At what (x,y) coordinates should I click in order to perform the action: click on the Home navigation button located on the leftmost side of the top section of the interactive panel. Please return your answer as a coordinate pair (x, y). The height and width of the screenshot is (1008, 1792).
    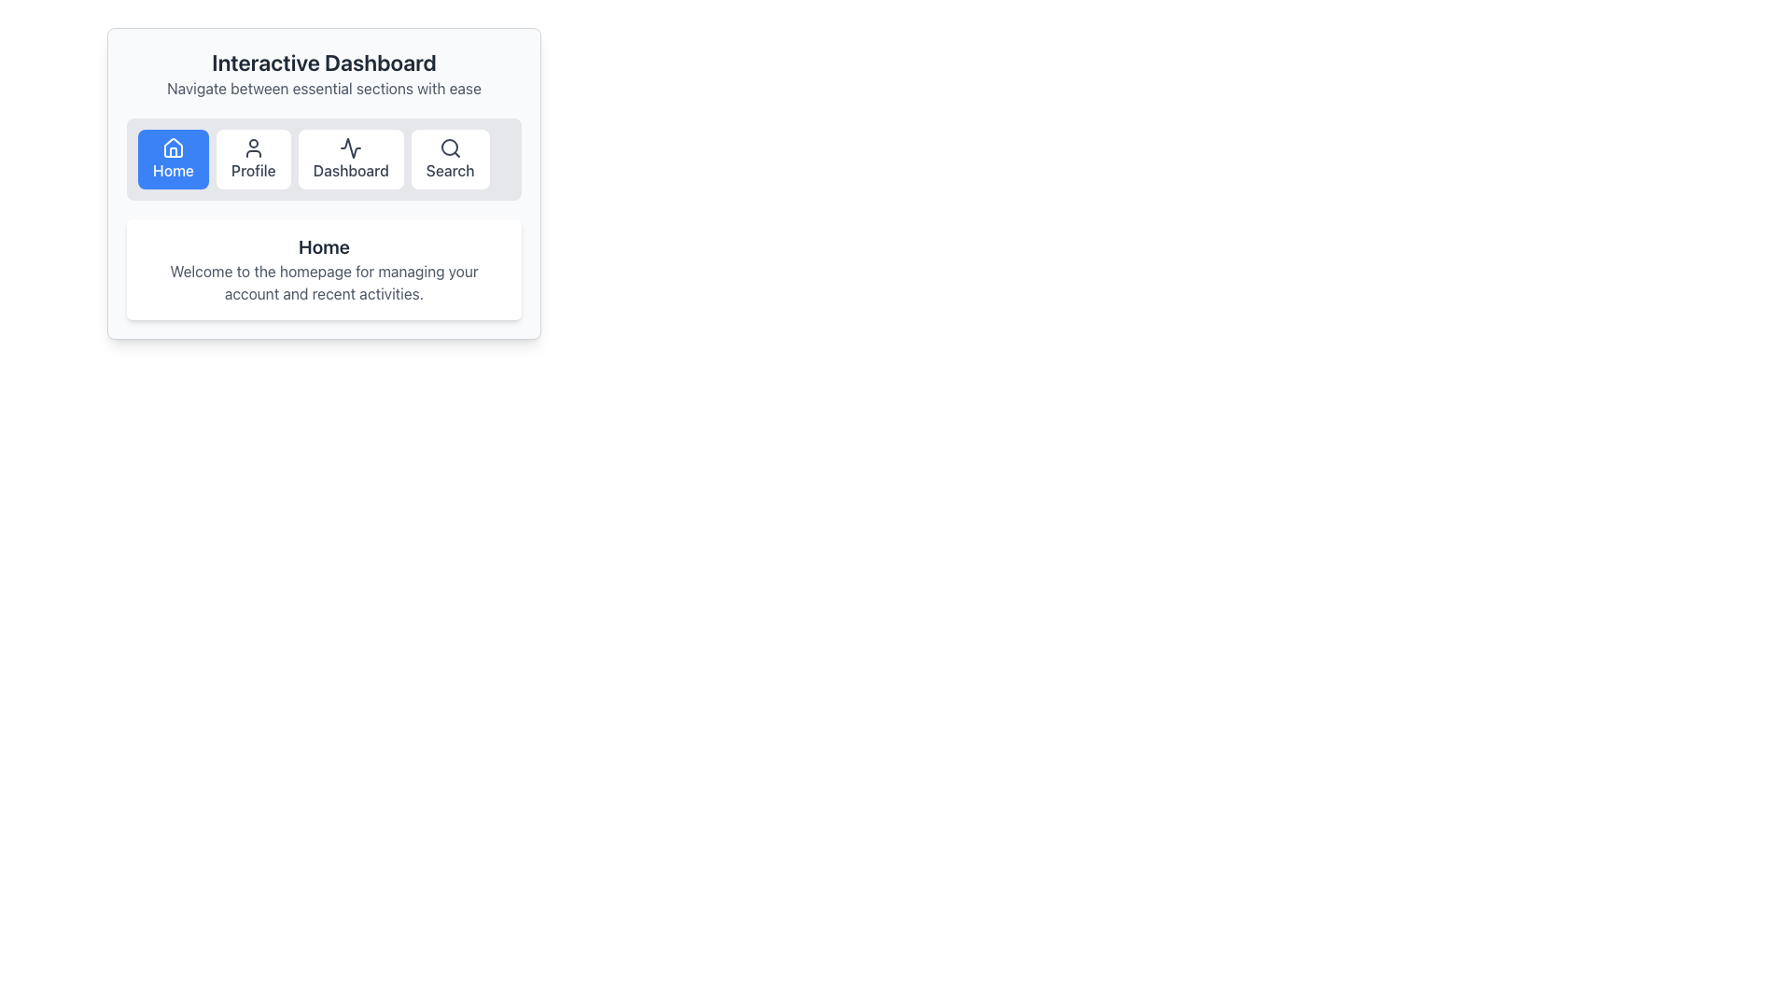
    Looking at the image, I should click on (174, 158).